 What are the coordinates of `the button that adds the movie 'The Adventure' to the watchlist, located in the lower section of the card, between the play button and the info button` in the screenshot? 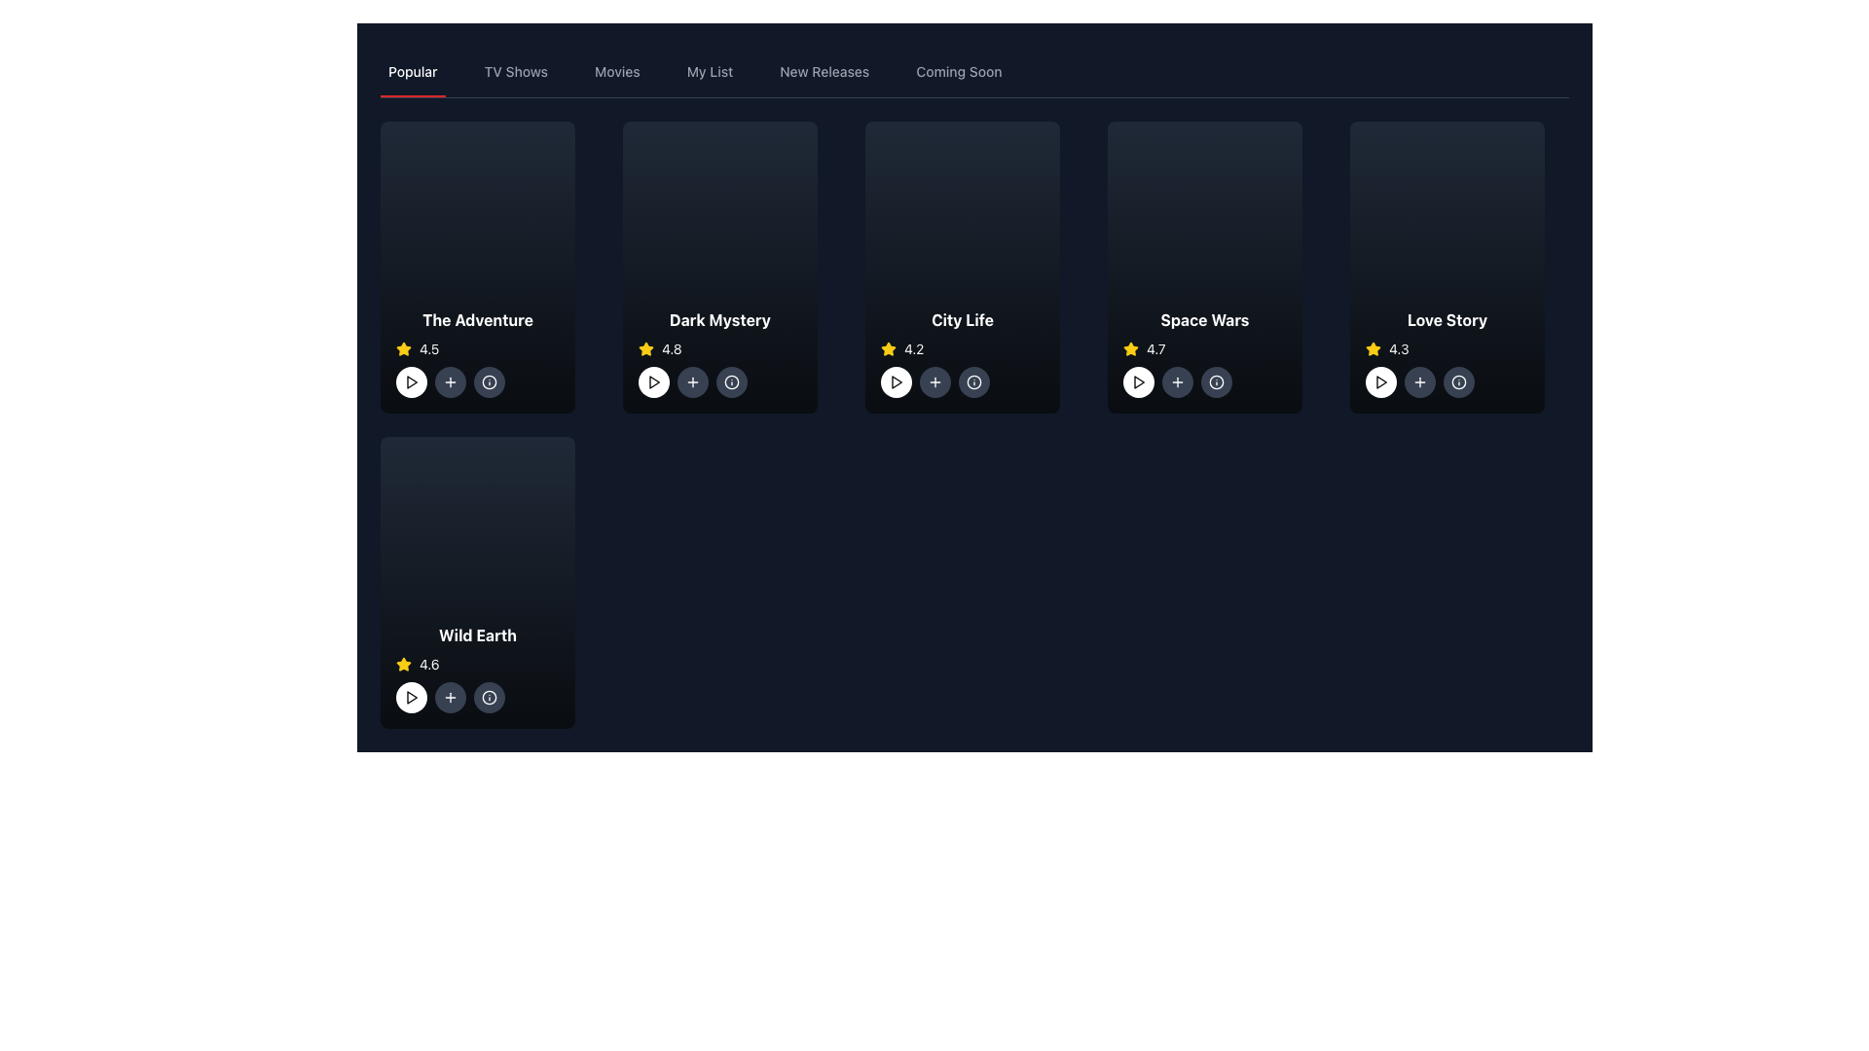 It's located at (449, 382).